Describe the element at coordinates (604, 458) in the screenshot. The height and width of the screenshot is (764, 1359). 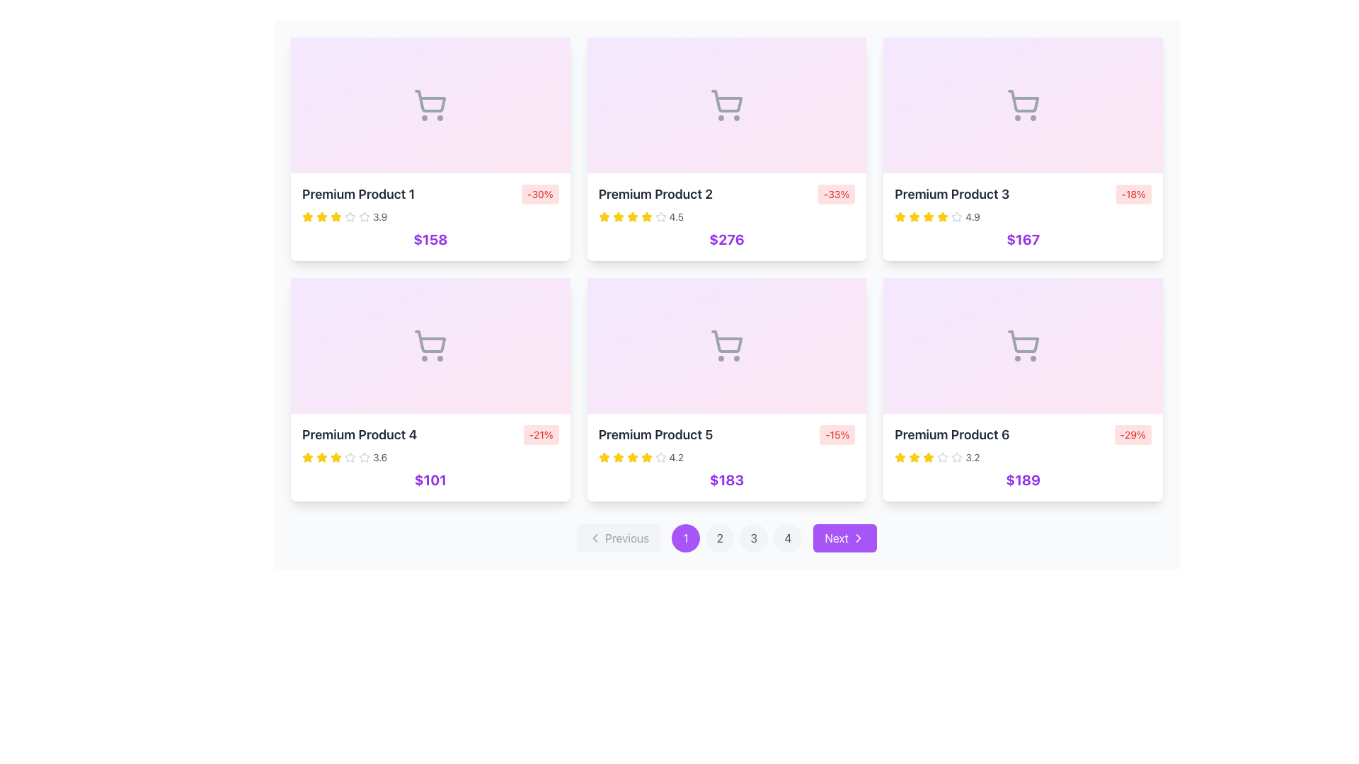
I see `the first star in the graphical rating indicator for the product 'Premium Product 5' to trigger a tooltip or visual feedback` at that location.